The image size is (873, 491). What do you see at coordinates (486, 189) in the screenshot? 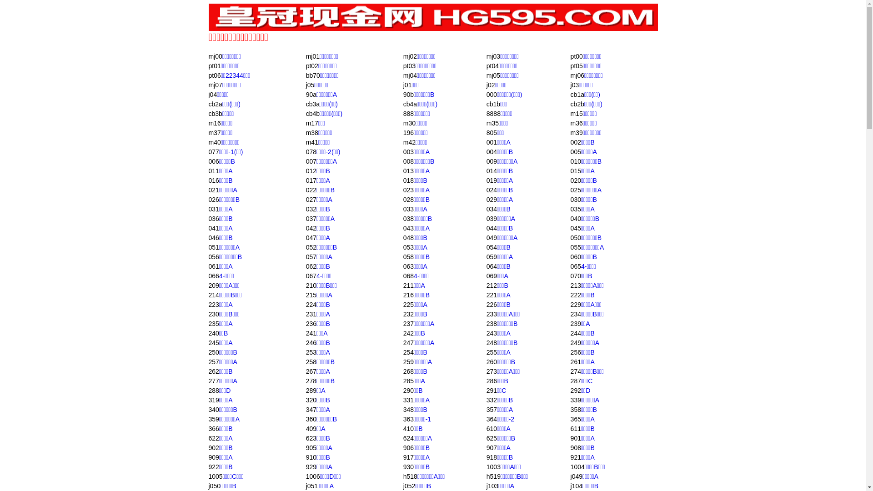
I see `'024'` at bounding box center [486, 189].